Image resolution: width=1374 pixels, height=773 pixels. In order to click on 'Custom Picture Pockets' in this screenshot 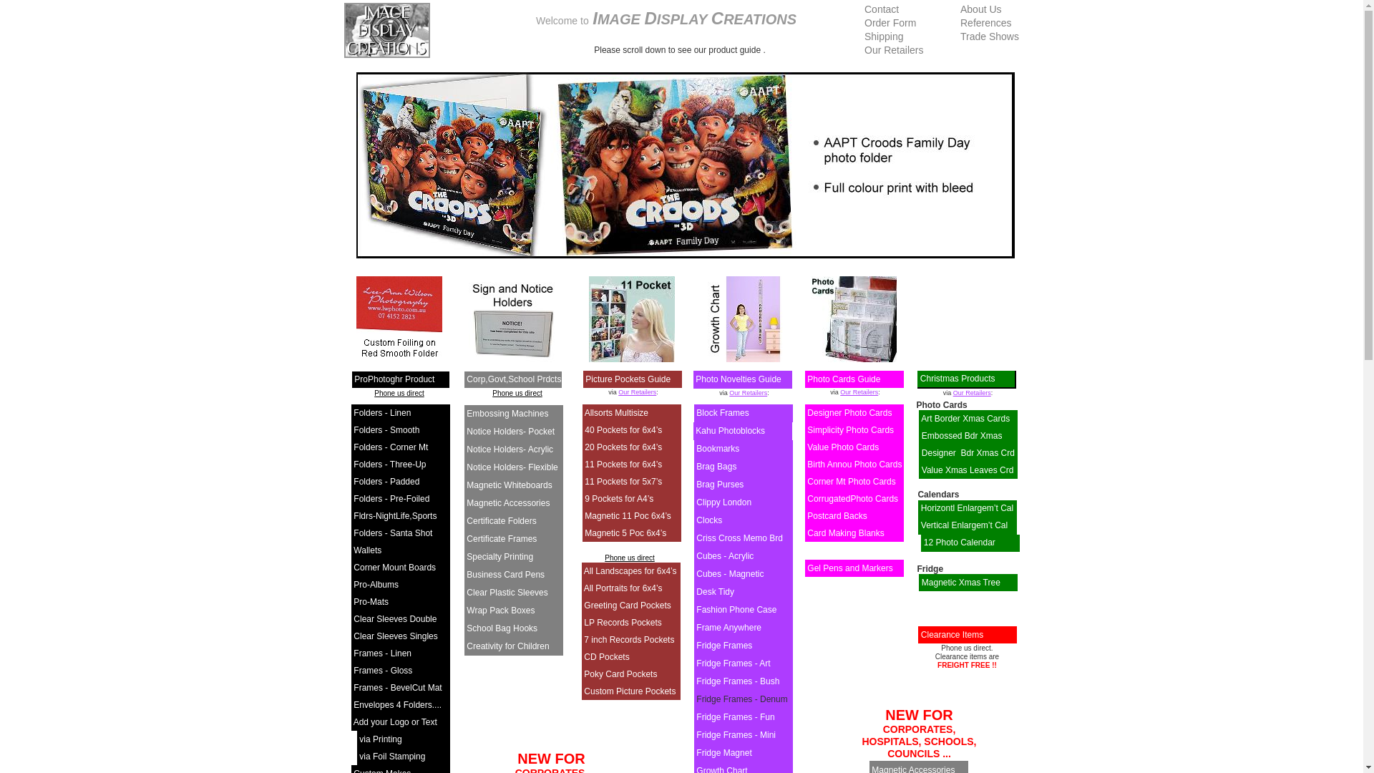, I will do `click(629, 690)`.